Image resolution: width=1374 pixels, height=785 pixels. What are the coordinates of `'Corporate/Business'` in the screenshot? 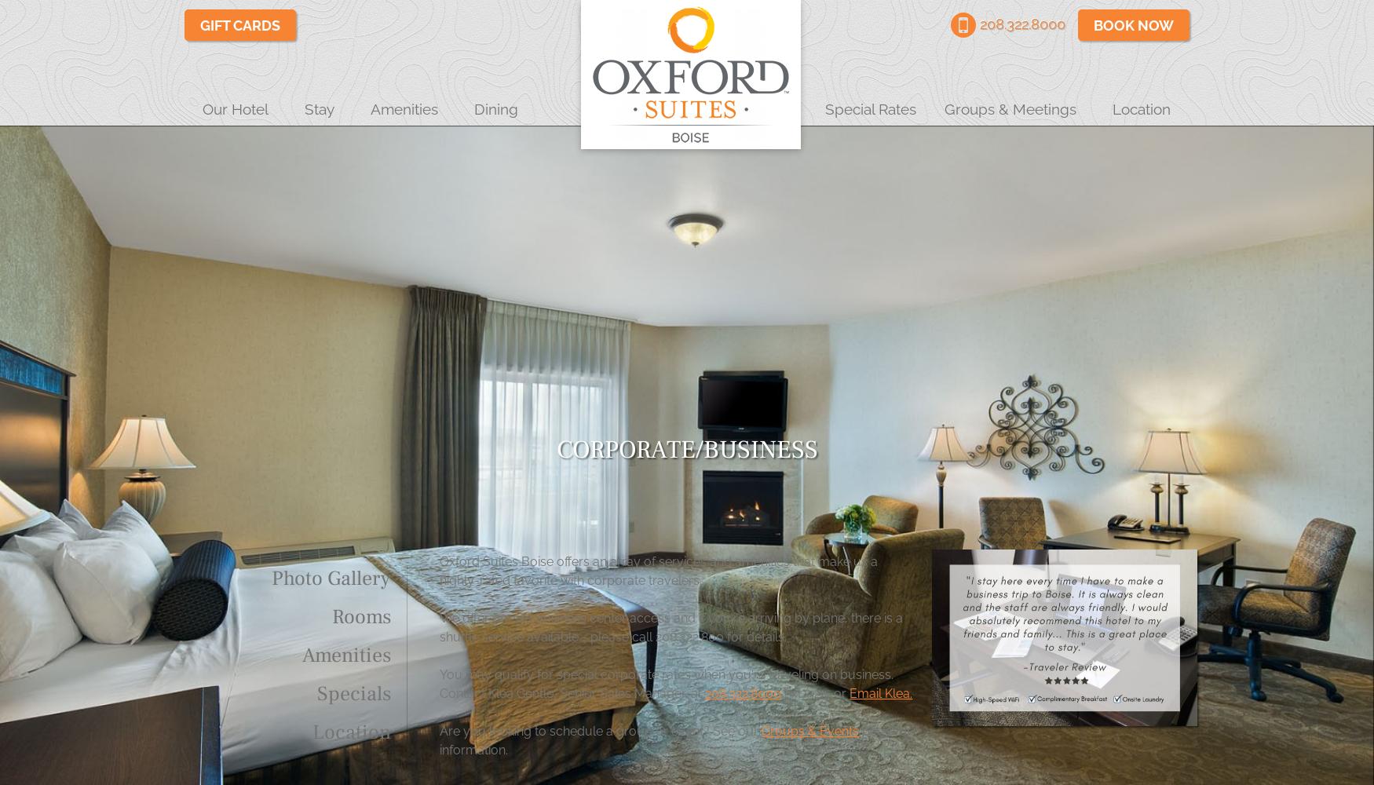 It's located at (686, 448).